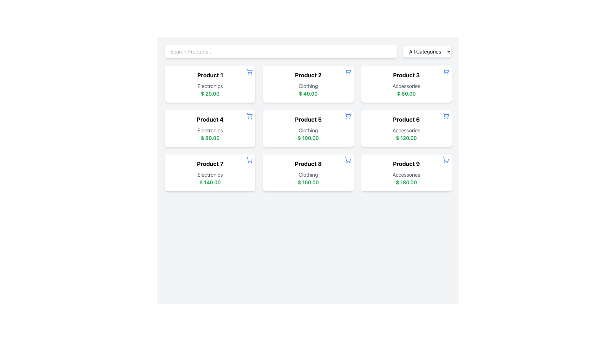  What do you see at coordinates (210, 75) in the screenshot?
I see `the text element labeled 'Product 1', which is styled in bold and located at the top-center of a card-like component` at bounding box center [210, 75].